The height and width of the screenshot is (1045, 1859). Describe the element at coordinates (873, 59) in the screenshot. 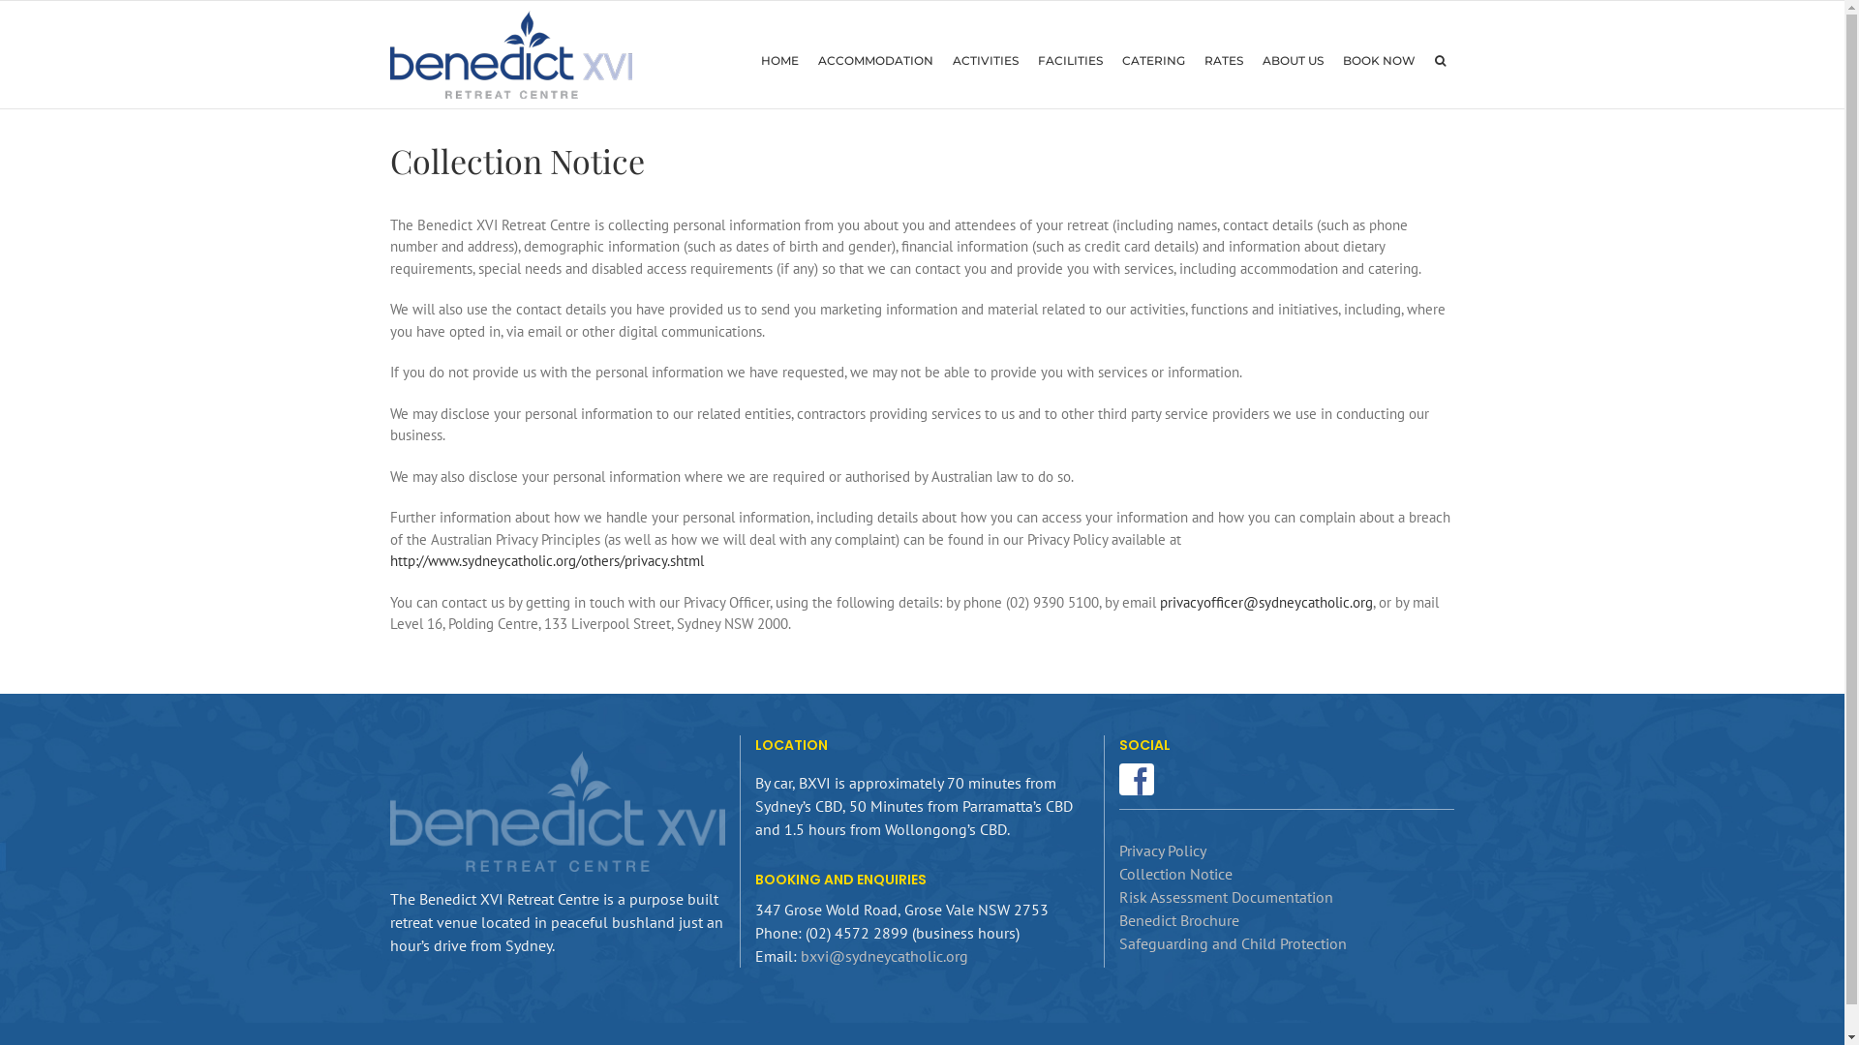

I see `'ACCOMMODATION'` at that location.